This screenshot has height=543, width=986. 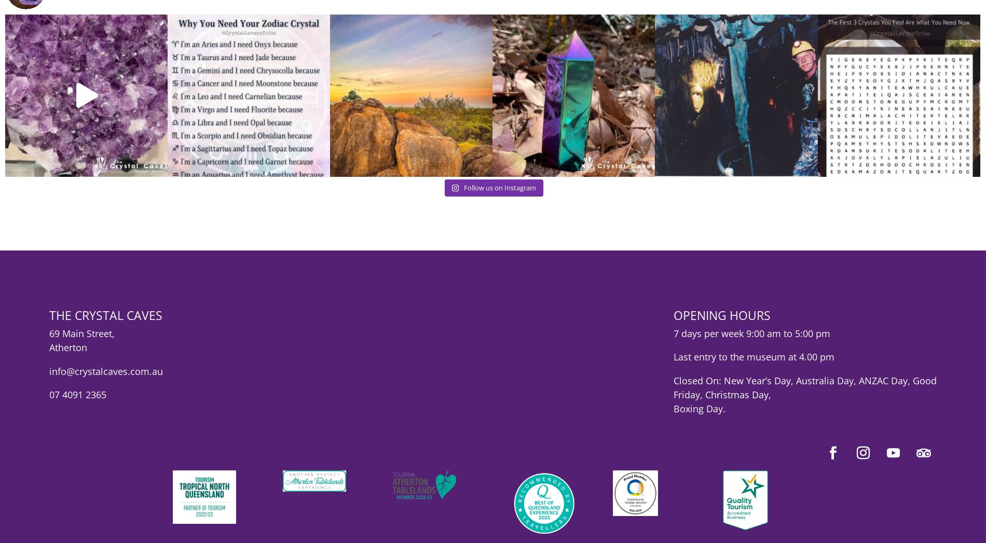 I want to click on 'Closed On: New Year’s Day, Australia Day, ANZAC Day, Good Friday, Christmas Day,', so click(x=804, y=395).